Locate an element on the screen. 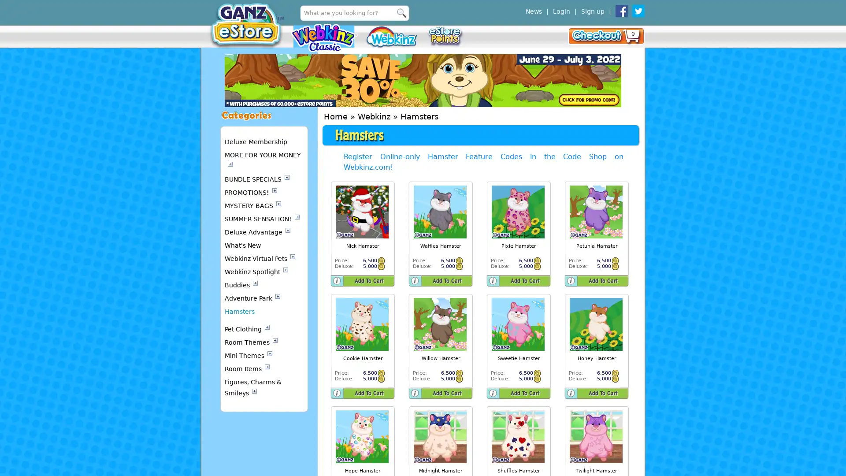  Add To Cart is located at coordinates (369, 392).